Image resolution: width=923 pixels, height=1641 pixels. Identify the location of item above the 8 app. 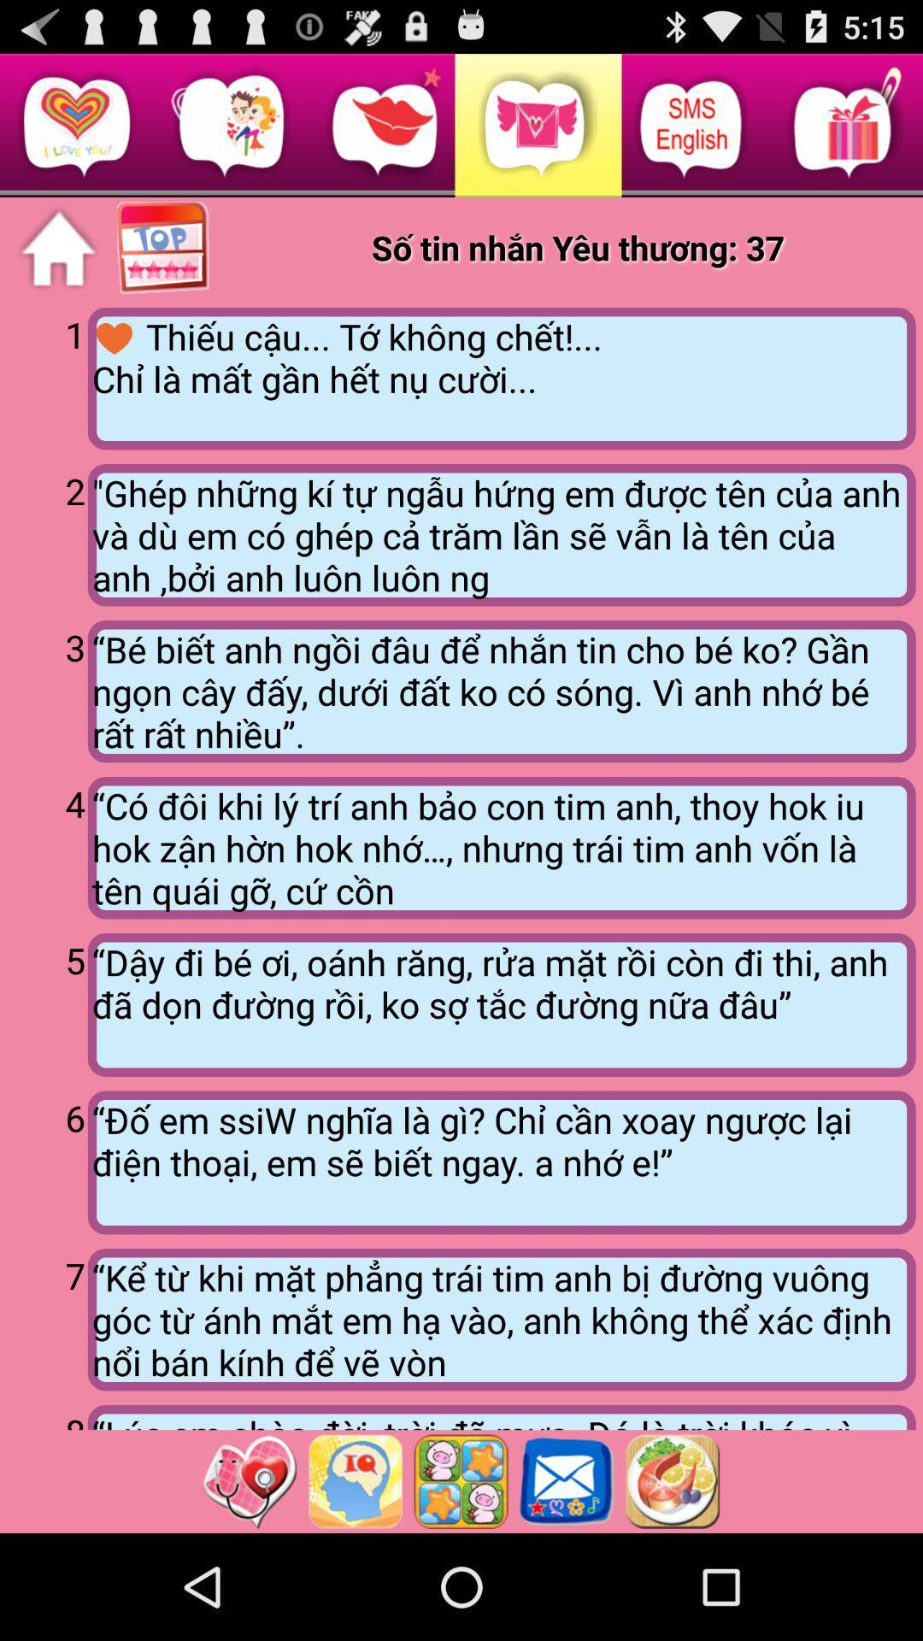
(46, 1316).